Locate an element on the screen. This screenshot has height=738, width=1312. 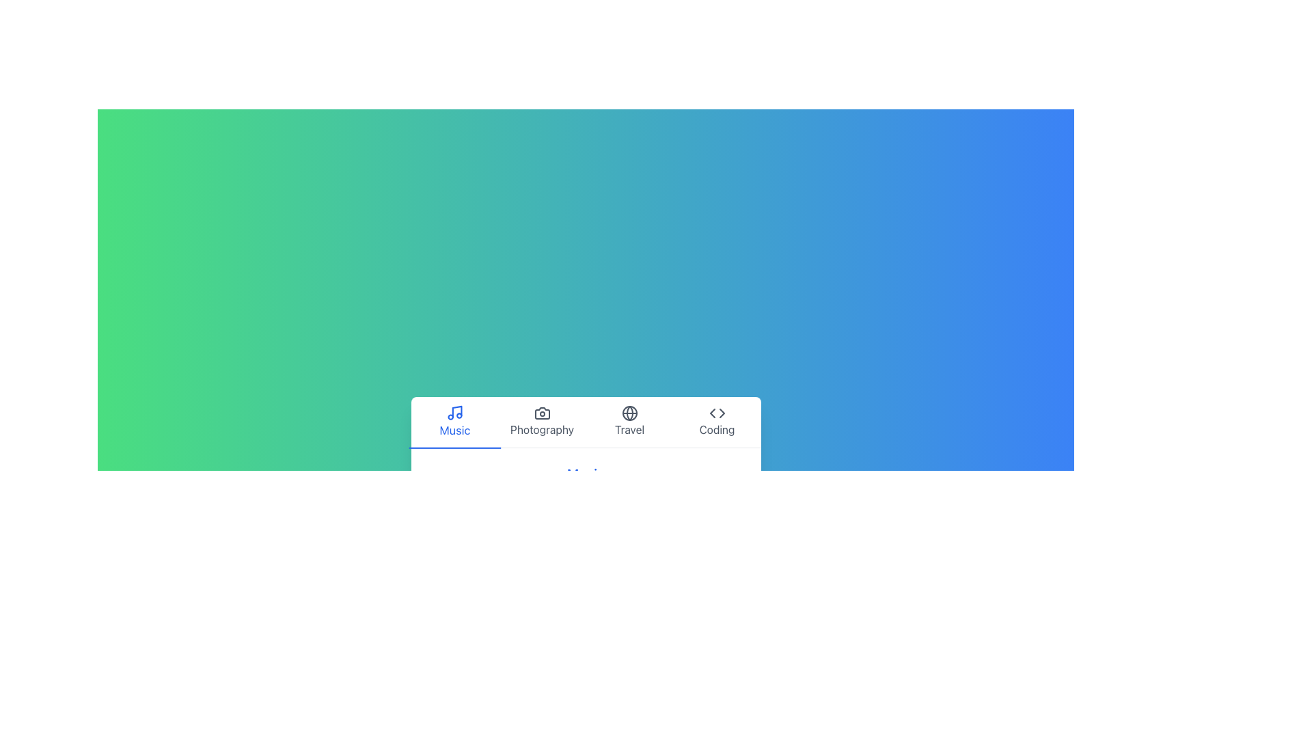
the 'Music' button, the first option in the horizontally aligned menu is located at coordinates (454, 421).